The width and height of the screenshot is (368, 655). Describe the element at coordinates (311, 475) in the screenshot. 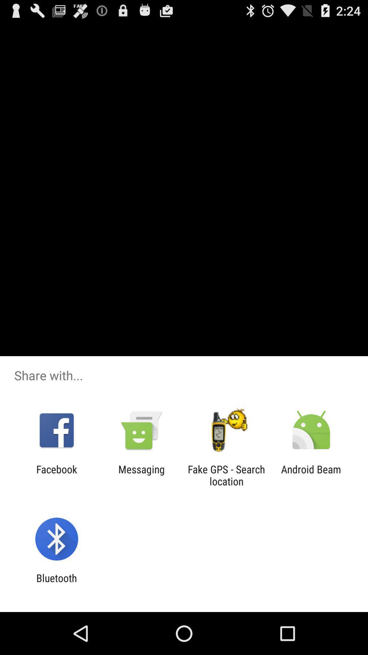

I see `the item next to the fake gps search app` at that location.